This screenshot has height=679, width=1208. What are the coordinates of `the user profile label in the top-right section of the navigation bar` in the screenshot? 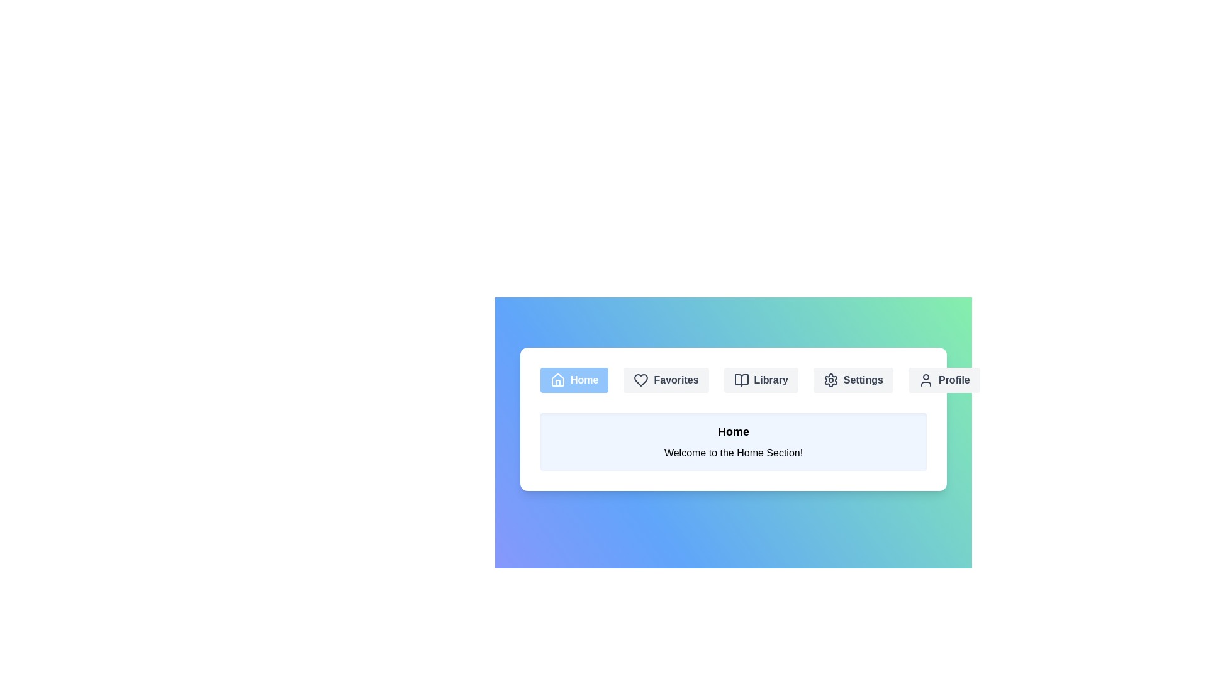 It's located at (954, 380).